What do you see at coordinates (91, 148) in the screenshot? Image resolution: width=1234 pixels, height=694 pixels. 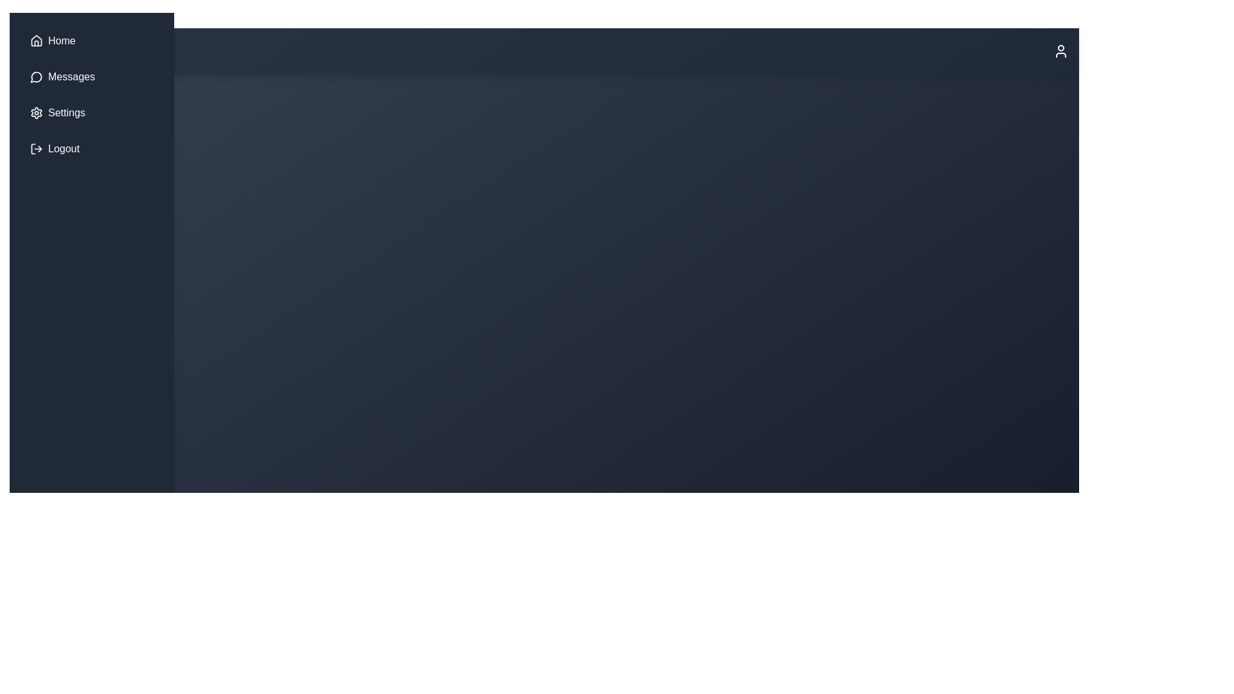 I see `the 'Logout' option in the navigation menu` at bounding box center [91, 148].